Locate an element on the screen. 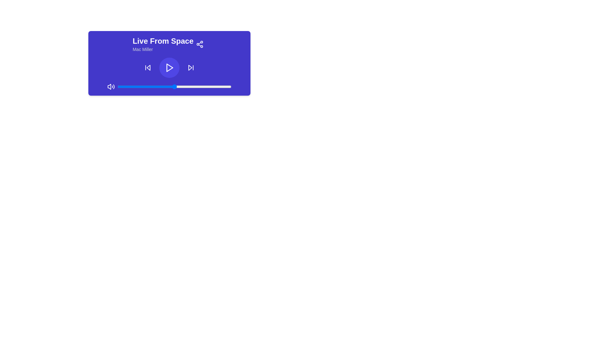  the slider value is located at coordinates (157, 86).